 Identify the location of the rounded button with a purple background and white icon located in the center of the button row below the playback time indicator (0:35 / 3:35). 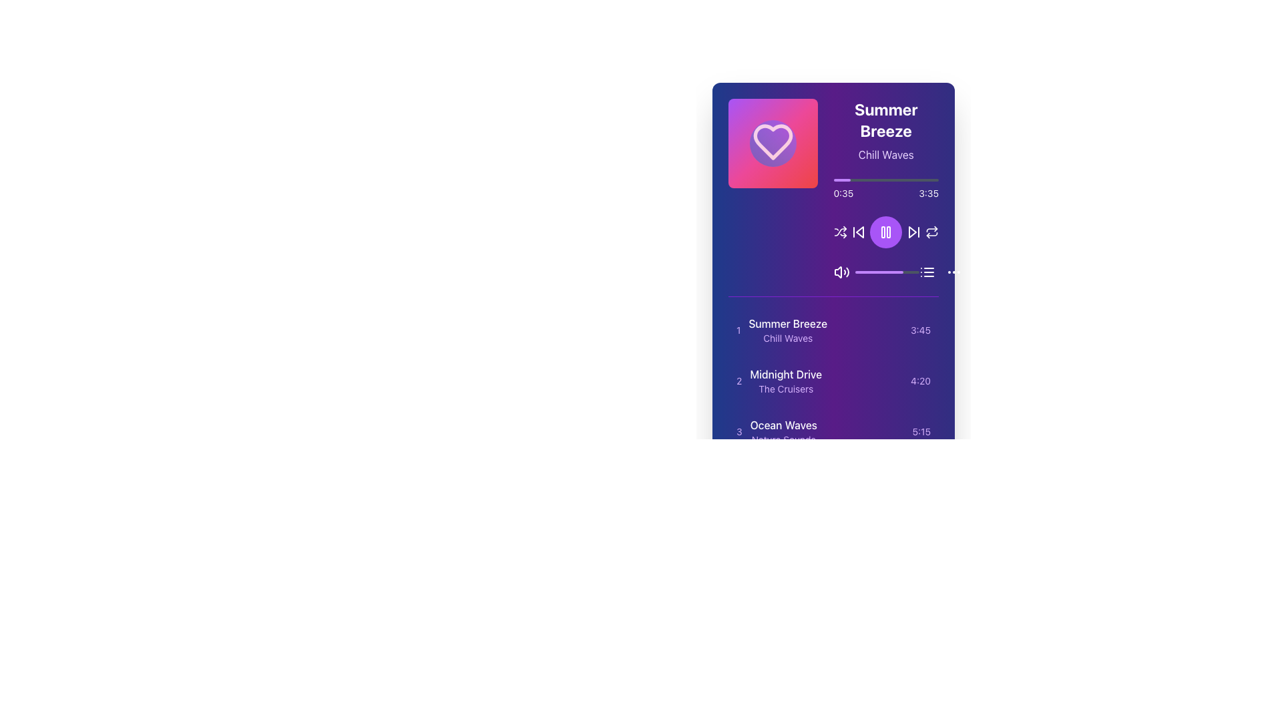
(886, 231).